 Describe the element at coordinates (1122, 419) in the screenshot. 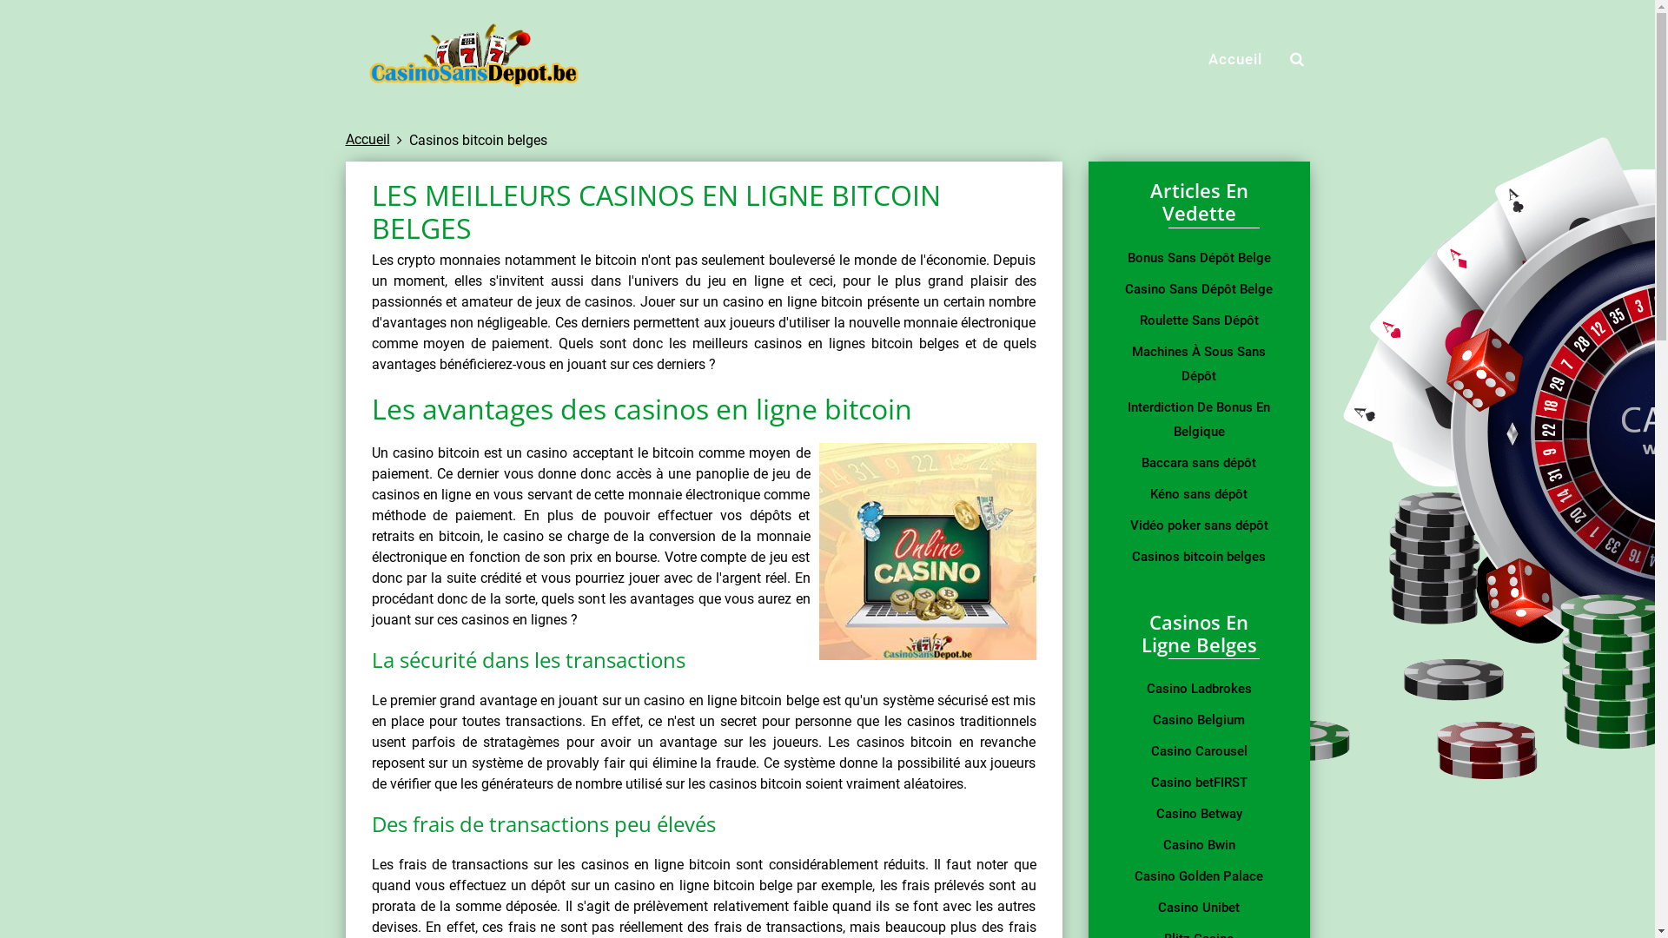

I see `'Interdiction De Bonus En Belgique'` at that location.